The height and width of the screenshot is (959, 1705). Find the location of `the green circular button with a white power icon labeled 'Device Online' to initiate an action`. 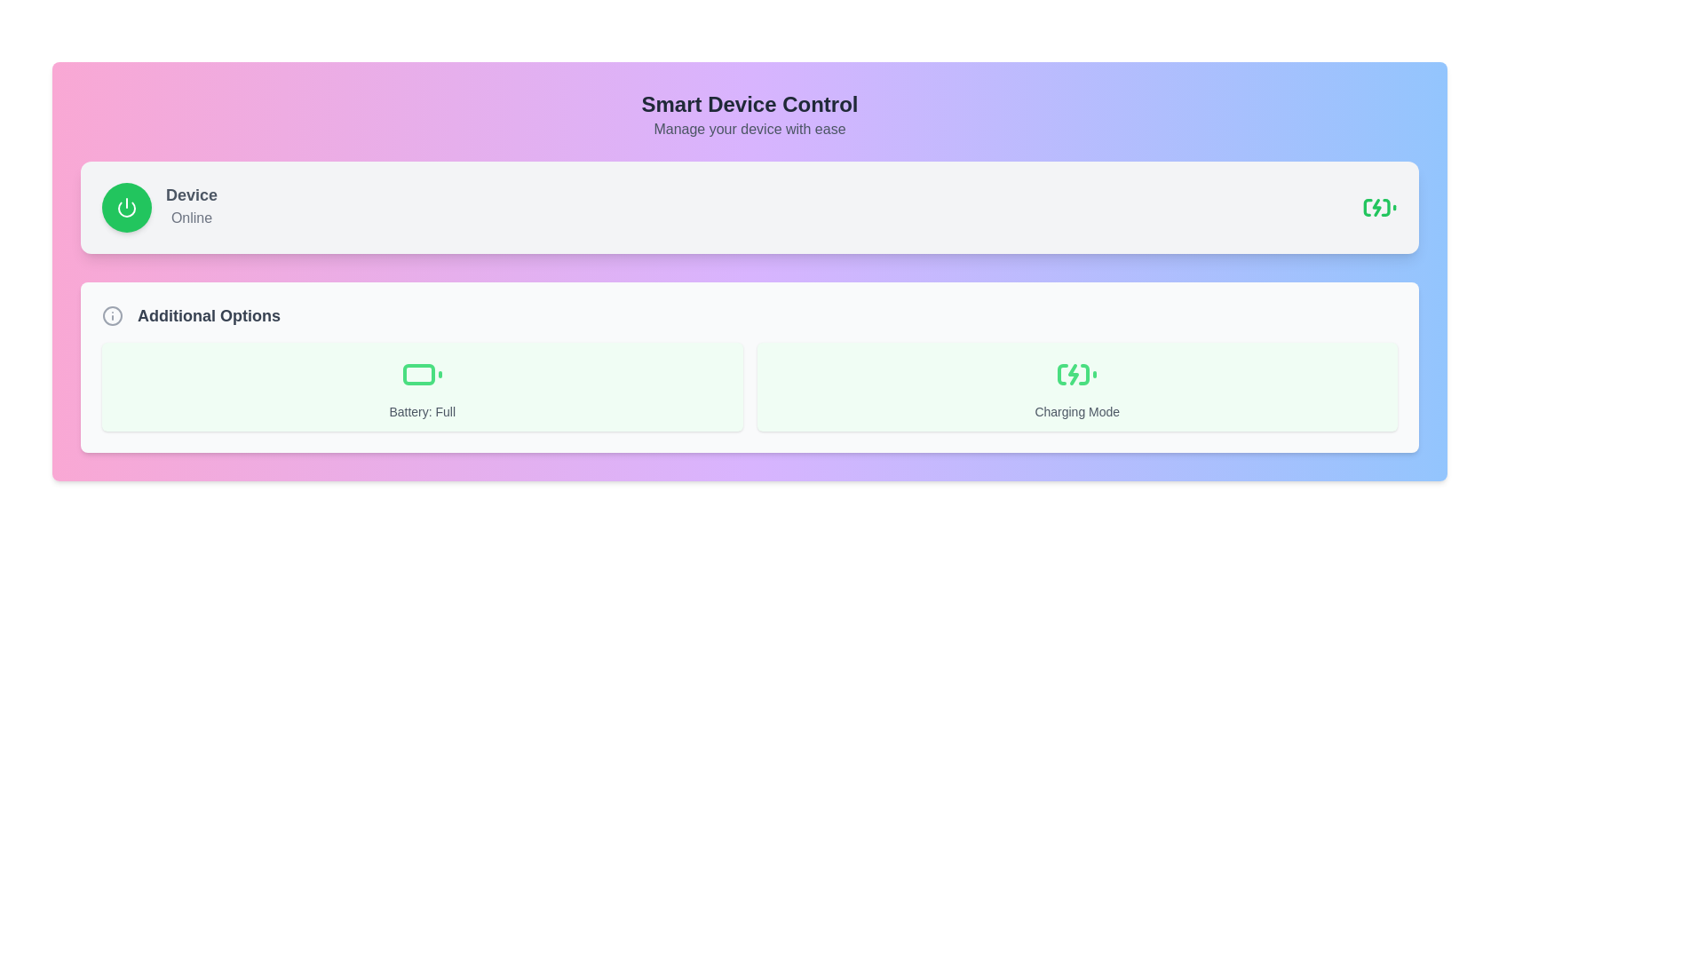

the green circular button with a white power icon labeled 'Device Online' to initiate an action is located at coordinates (160, 207).